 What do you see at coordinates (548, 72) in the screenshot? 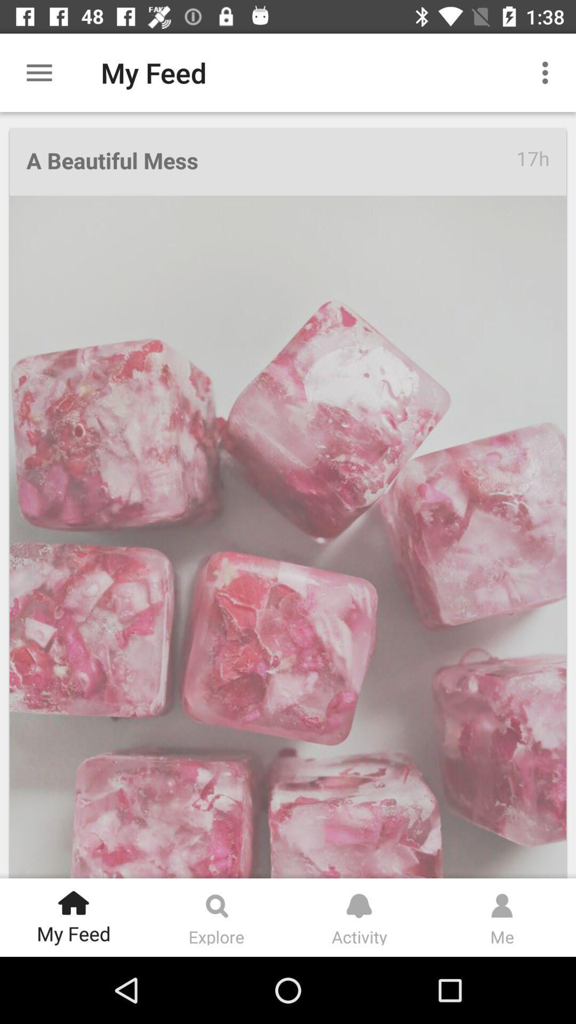
I see `item next to the my feed item` at bounding box center [548, 72].